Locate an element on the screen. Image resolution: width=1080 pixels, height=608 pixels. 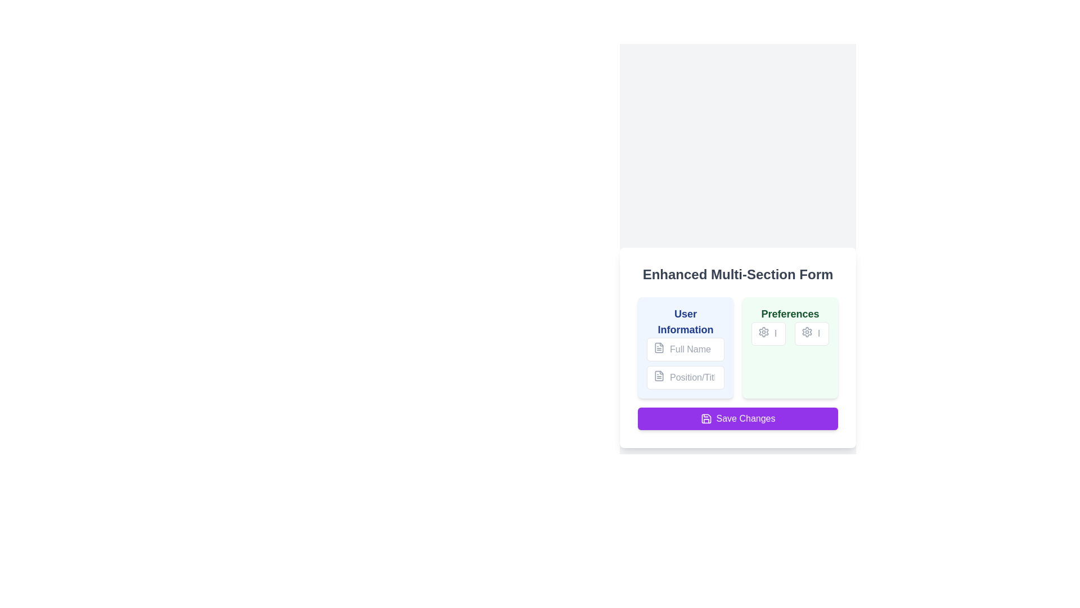
the document icon located in the 'User Information' section is located at coordinates (659, 347).